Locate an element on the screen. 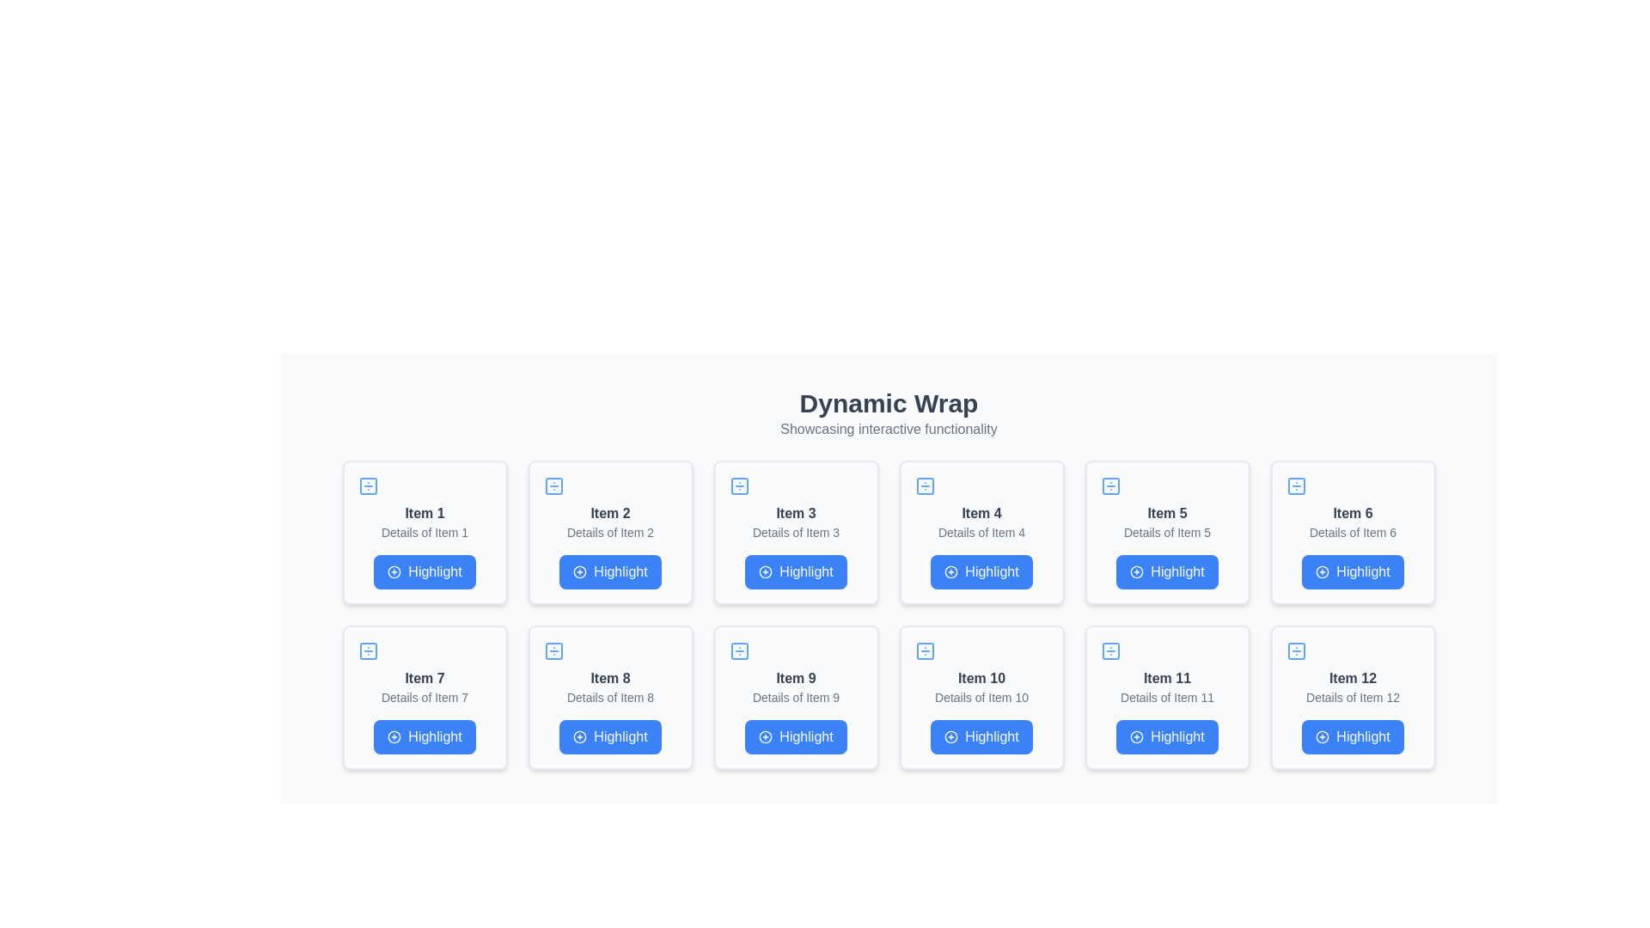 The image size is (1650, 928). the text label displaying 'Details of Item 2', which is located below the bold title 'Item 2' and above the blue-highlighted button labeled 'Highlight' is located at coordinates (610, 532).